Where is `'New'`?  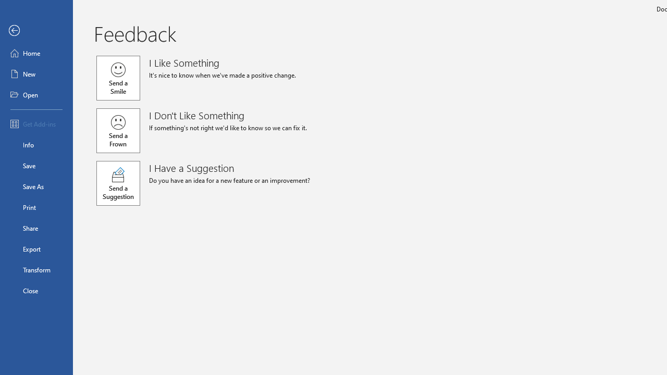 'New' is located at coordinates (36, 73).